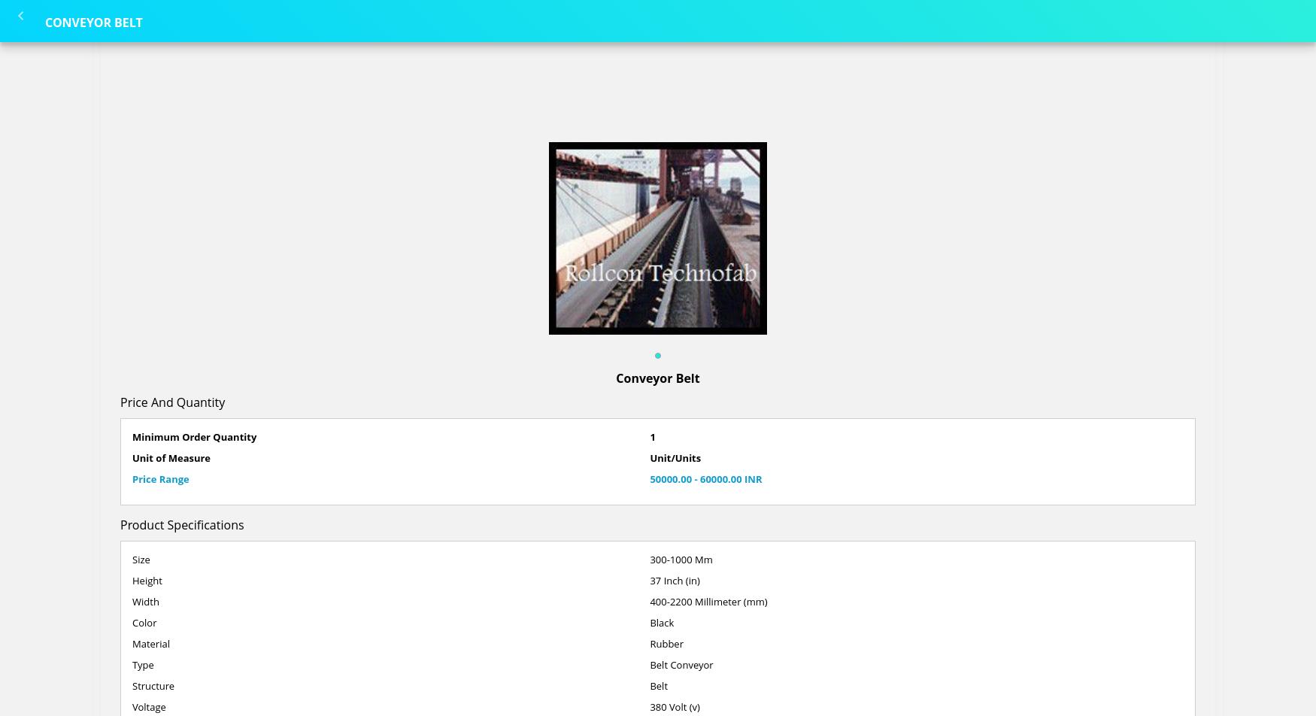 This screenshot has height=716, width=1316. I want to click on 'Type', so click(143, 665).